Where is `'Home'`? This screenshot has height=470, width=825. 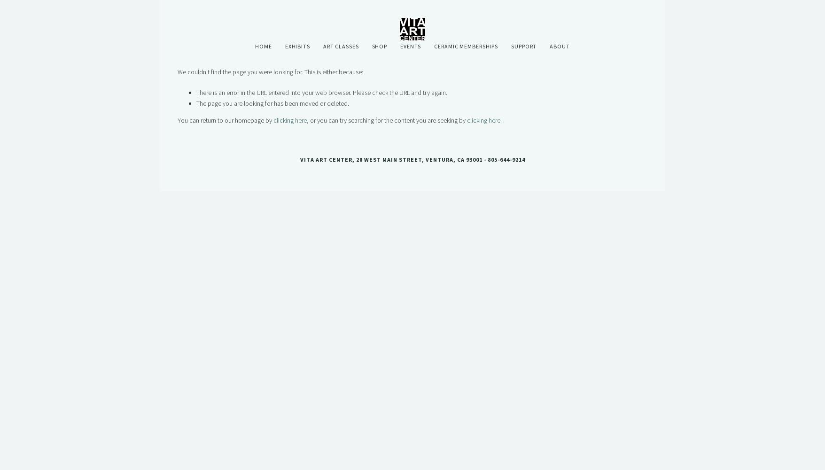
'Home' is located at coordinates (263, 46).